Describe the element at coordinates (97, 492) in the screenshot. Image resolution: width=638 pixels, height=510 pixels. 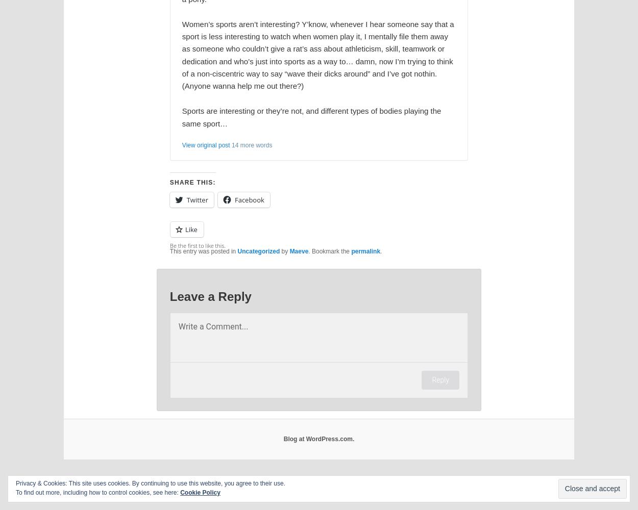
I see `'To find out more, including how to control cookies, see here:'` at that location.